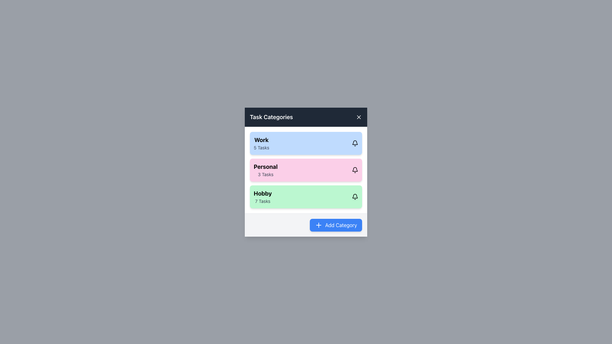  What do you see at coordinates (350, 215) in the screenshot?
I see `the 'Add Category' button located at the bottom of the dialog box` at bounding box center [350, 215].